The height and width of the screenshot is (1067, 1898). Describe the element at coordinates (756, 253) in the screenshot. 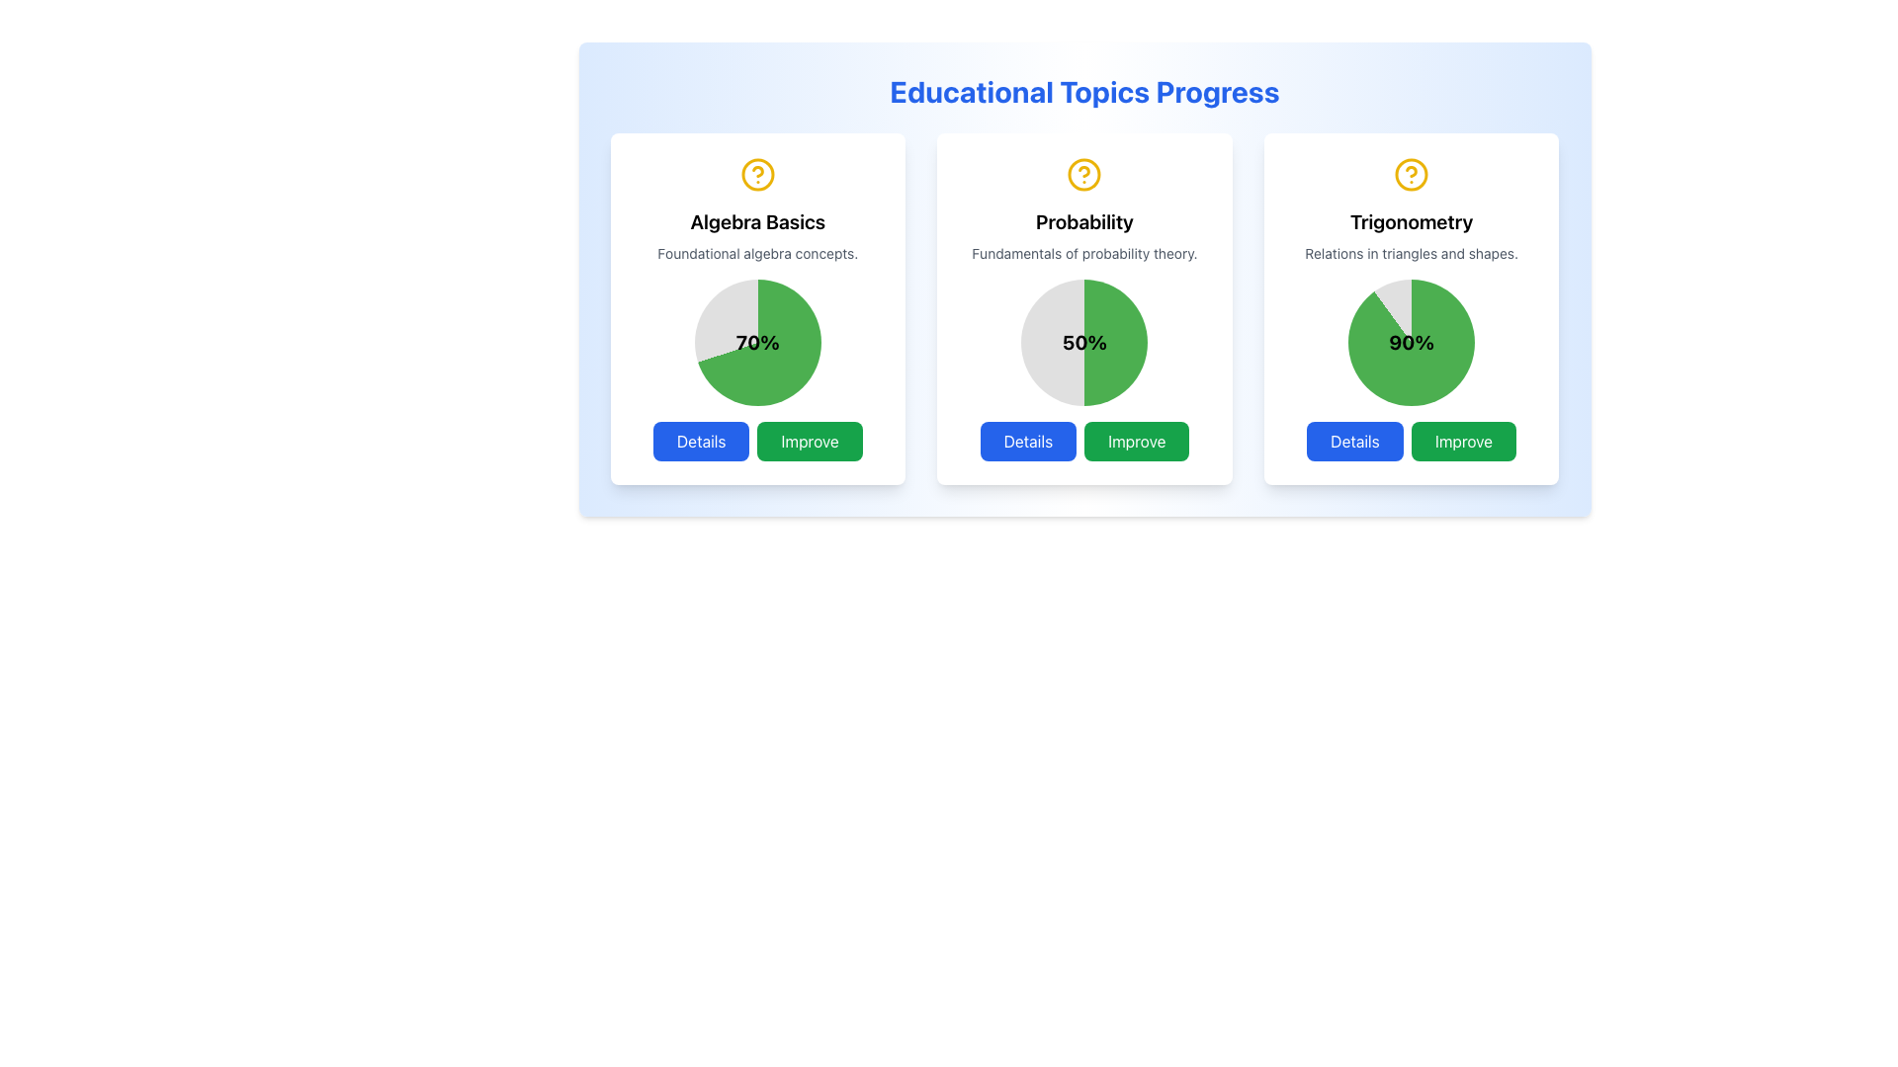

I see `the text element that provides a brief description of 'Algebra Basics', which is centrally positioned within the card, located below the title and above the progress indicator` at that location.